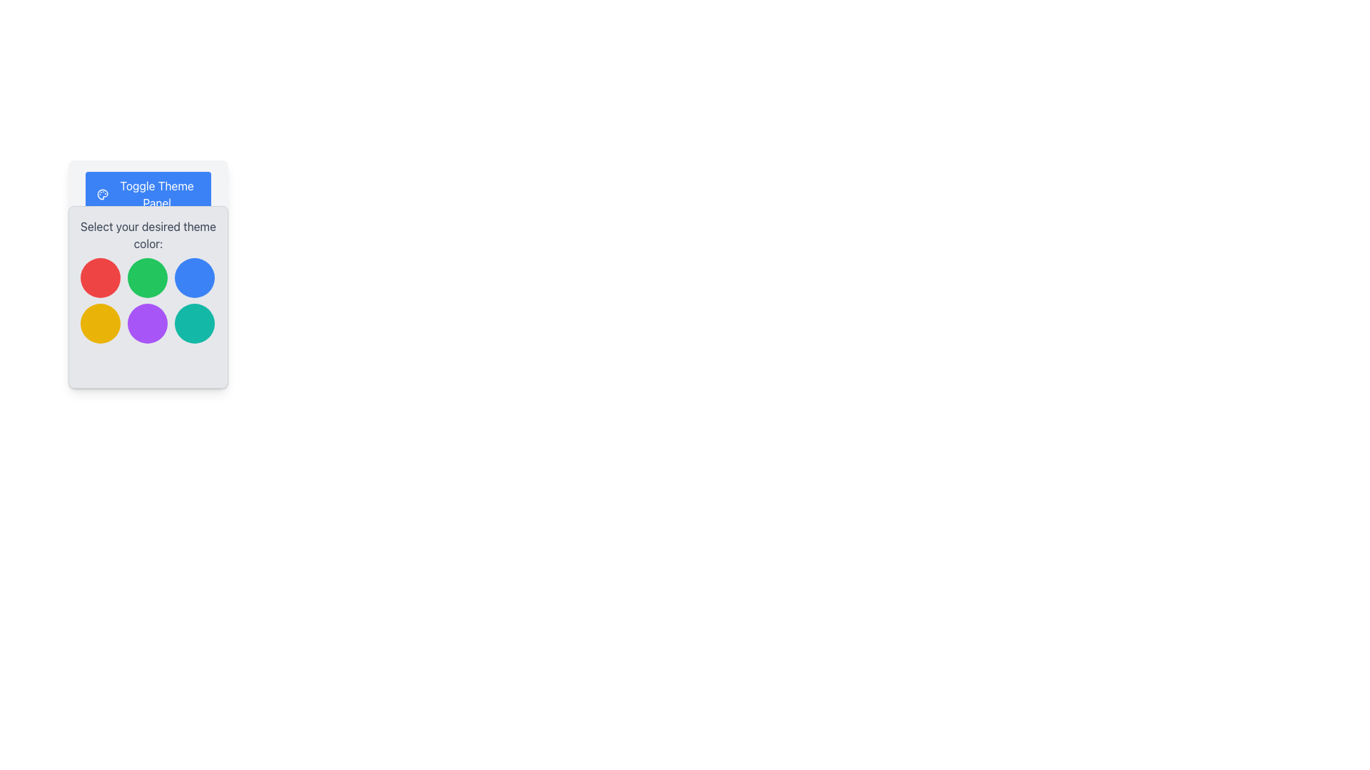  Describe the element at coordinates (99, 277) in the screenshot. I see `the color selection button for red, which is the first button in a 3x2 grid layout located at the top-left corner` at that location.